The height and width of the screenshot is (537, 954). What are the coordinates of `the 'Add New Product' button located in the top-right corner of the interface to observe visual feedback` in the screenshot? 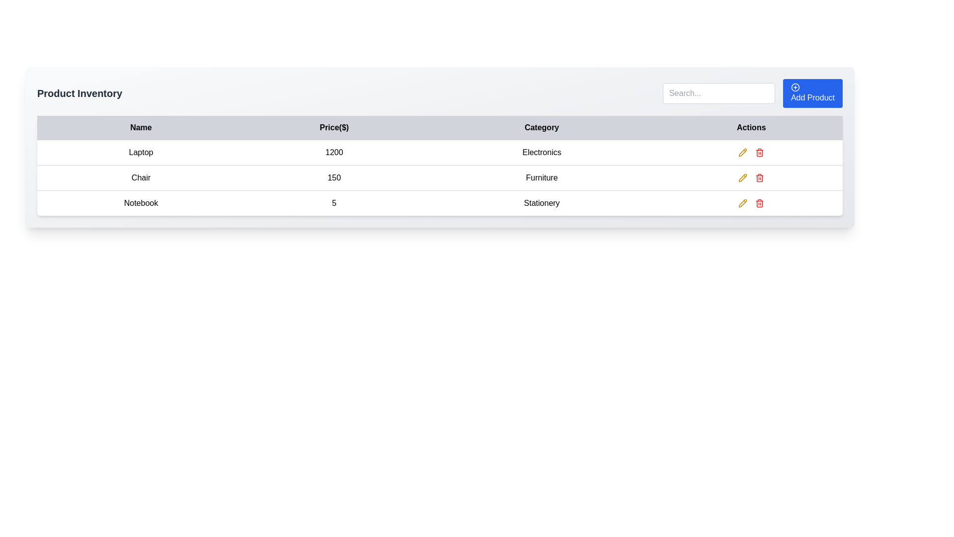 It's located at (813, 93).